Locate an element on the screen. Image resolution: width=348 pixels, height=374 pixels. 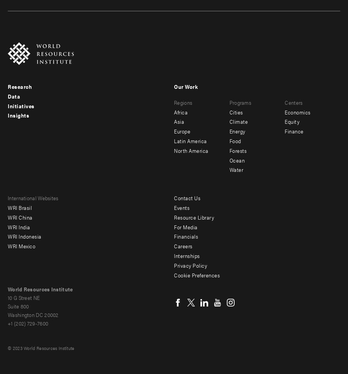
'Contact Us' is located at coordinates (174, 197).